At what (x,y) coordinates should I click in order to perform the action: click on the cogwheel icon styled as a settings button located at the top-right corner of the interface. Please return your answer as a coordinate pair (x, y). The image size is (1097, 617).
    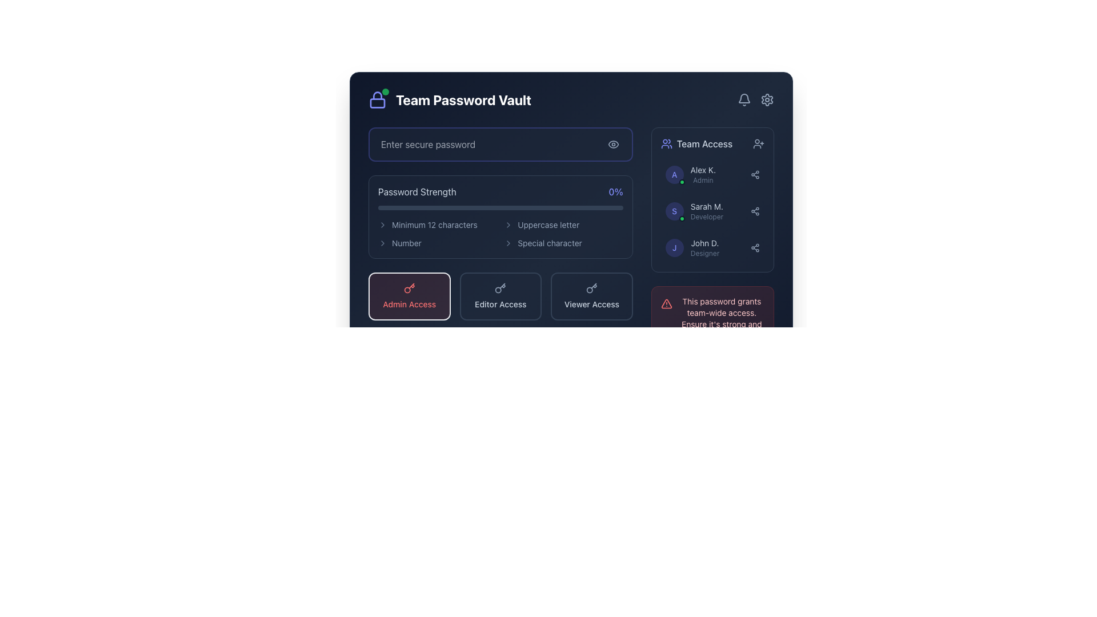
    Looking at the image, I should click on (767, 99).